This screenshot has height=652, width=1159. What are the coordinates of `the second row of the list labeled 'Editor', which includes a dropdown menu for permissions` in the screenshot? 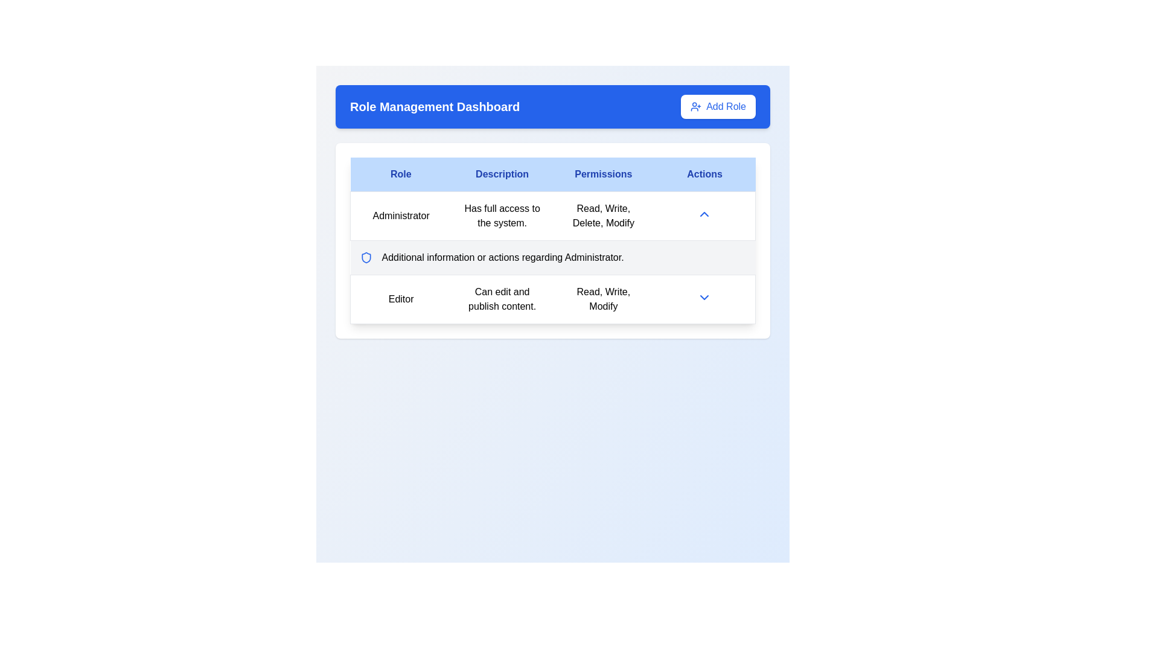 It's located at (552, 299).